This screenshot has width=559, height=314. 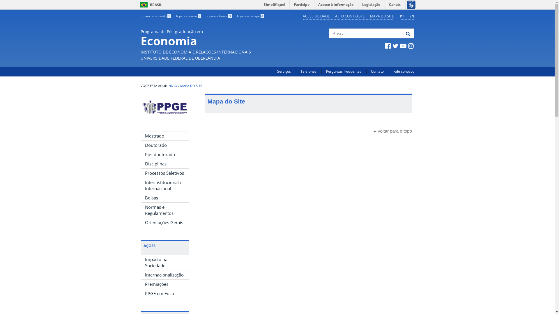 What do you see at coordinates (349, 16) in the screenshot?
I see `'ALTO CONTRASTE'` at bounding box center [349, 16].